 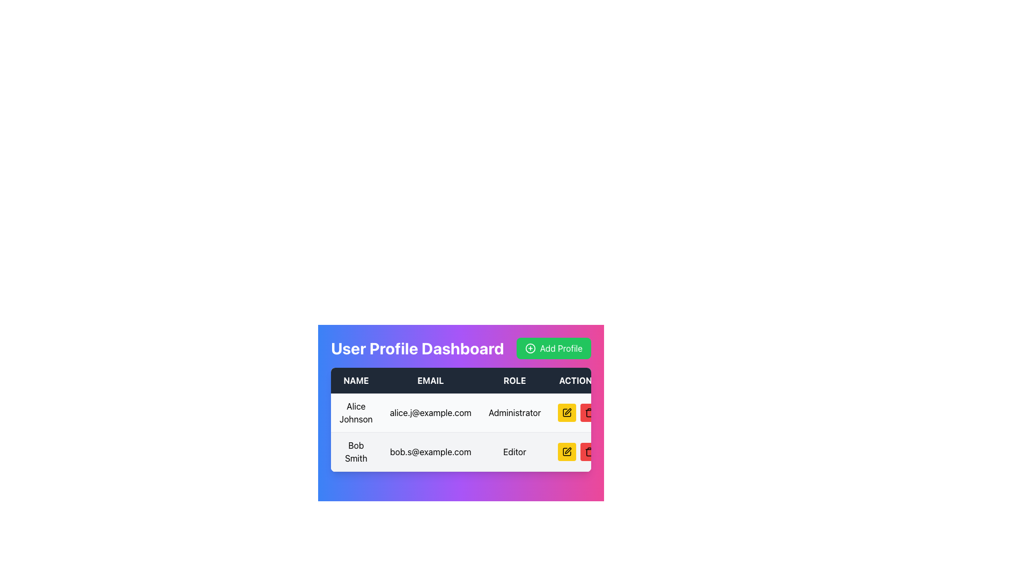 What do you see at coordinates (530, 348) in the screenshot?
I see `the green circular icon with a '+' symbol inside the 'Add Profile' button located at the top right of the user interface` at bounding box center [530, 348].